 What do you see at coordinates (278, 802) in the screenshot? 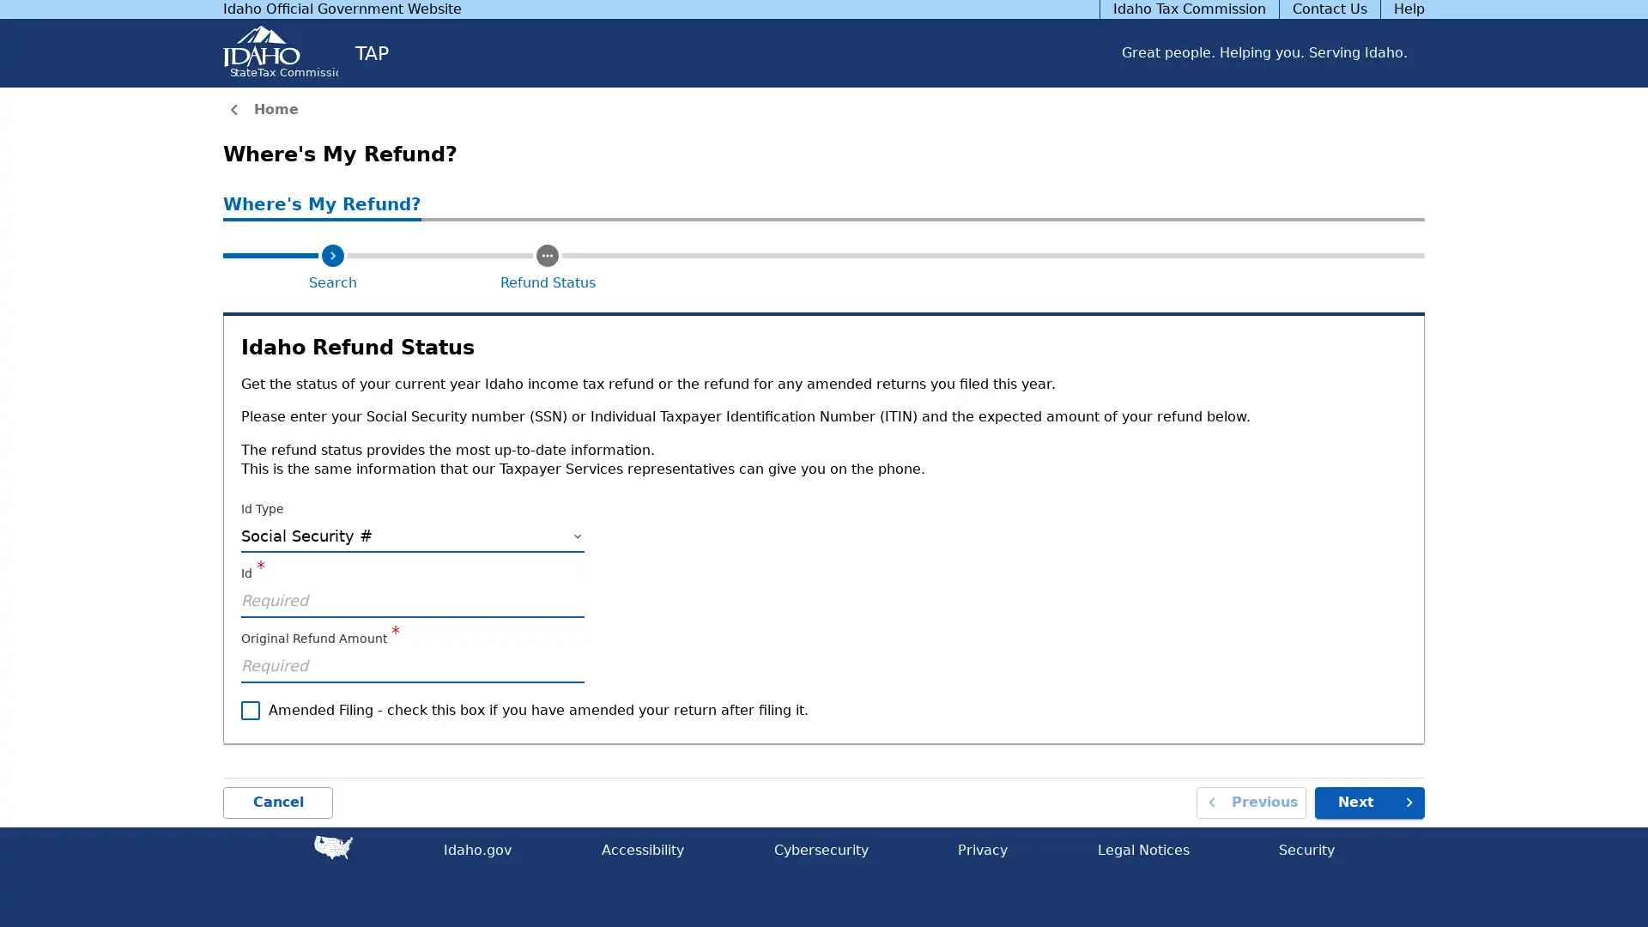
I see `Cancel` at bounding box center [278, 802].